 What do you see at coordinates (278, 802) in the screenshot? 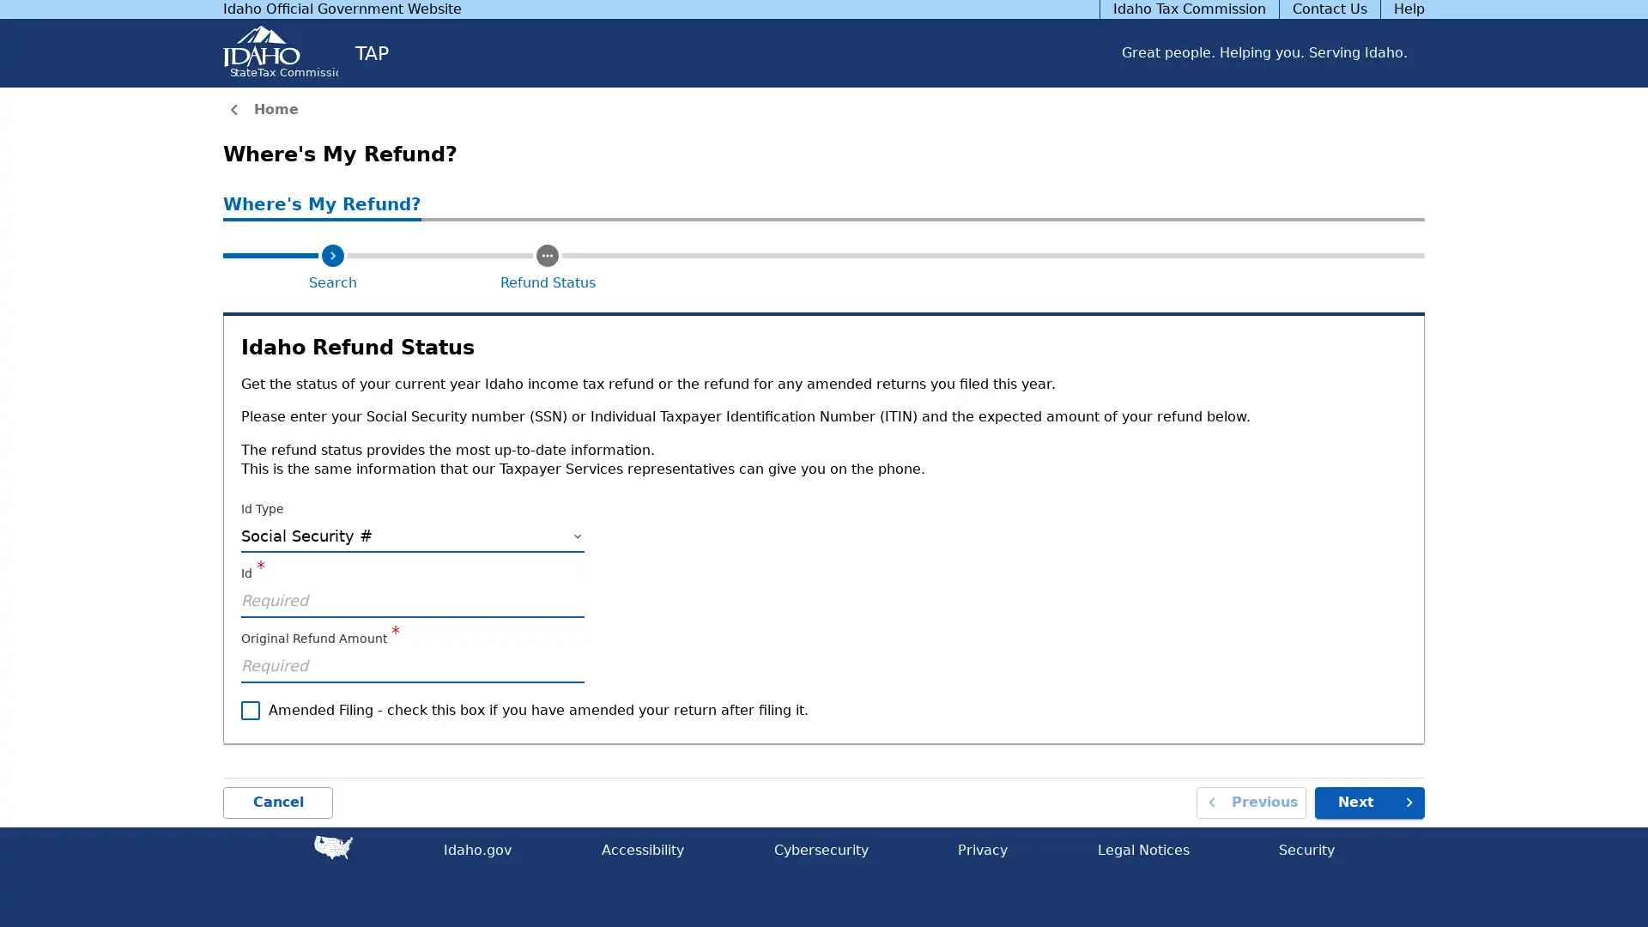
I see `Cancel` at bounding box center [278, 802].